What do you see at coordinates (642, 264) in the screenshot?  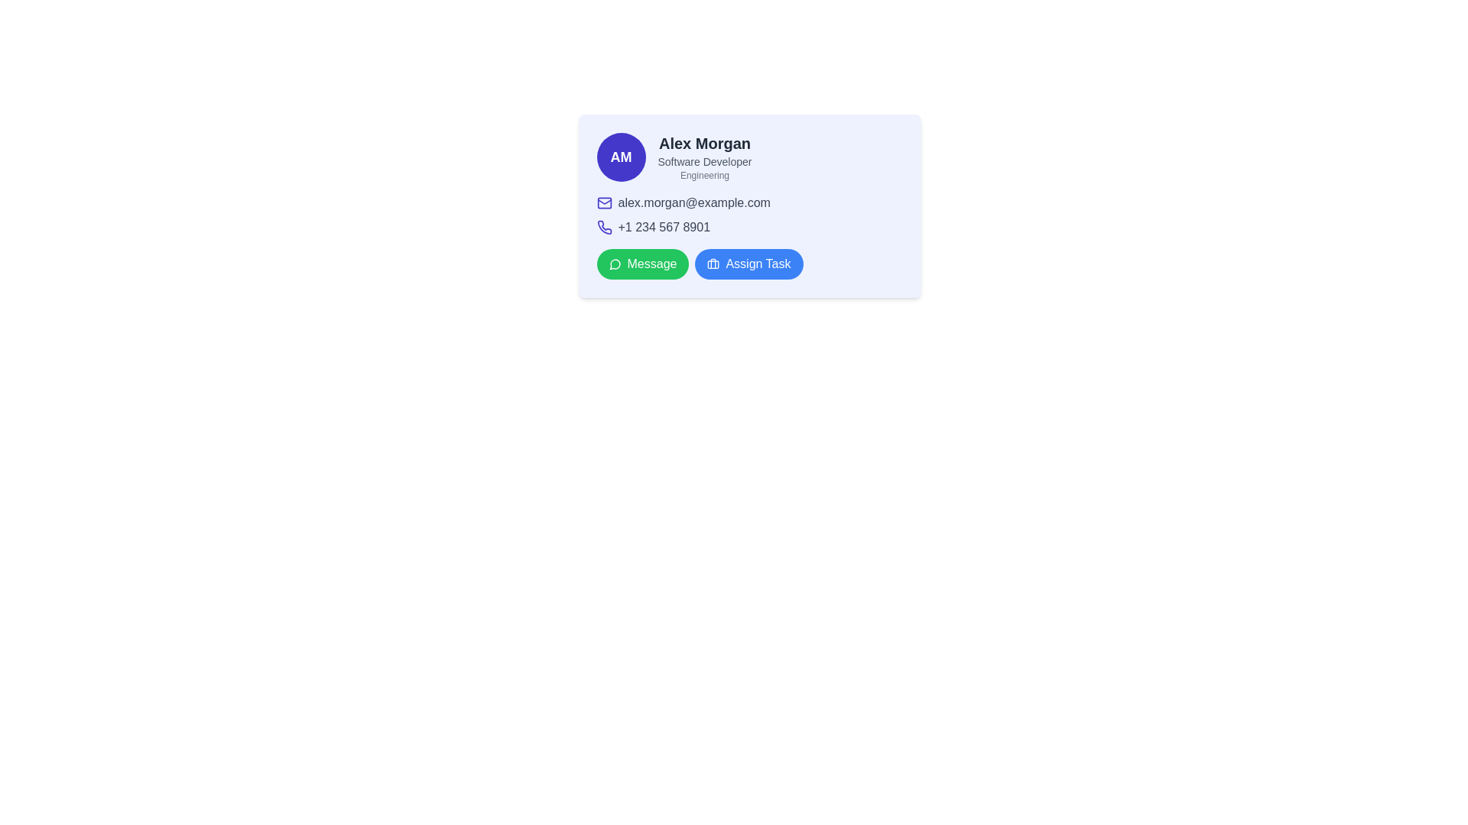 I see `the first button in the horizontal arrangement to initiate a messaging action, which targets the individual or entity represented in the profile card` at bounding box center [642, 264].